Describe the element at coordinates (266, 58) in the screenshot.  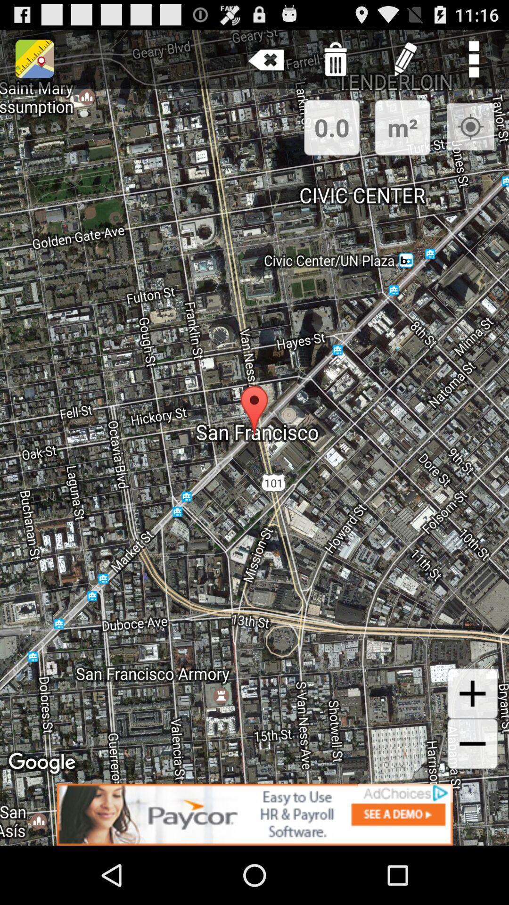
I see `app above 0.0` at that location.